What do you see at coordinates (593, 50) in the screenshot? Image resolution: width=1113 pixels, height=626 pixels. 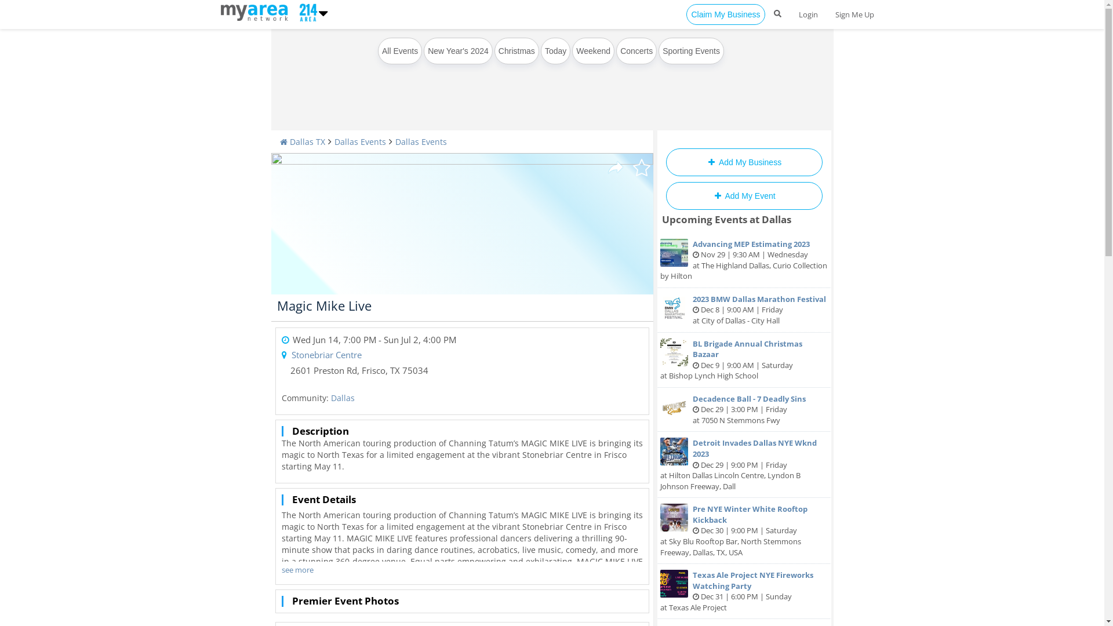 I see `'Weekend'` at bounding box center [593, 50].